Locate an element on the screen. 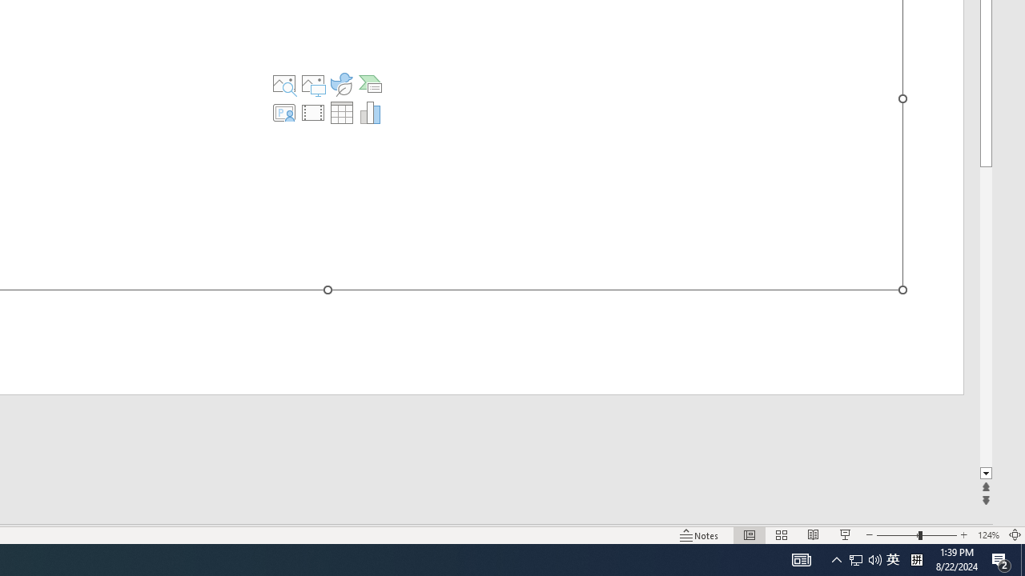  'Insert a SmartArt Graphic' is located at coordinates (369, 84).